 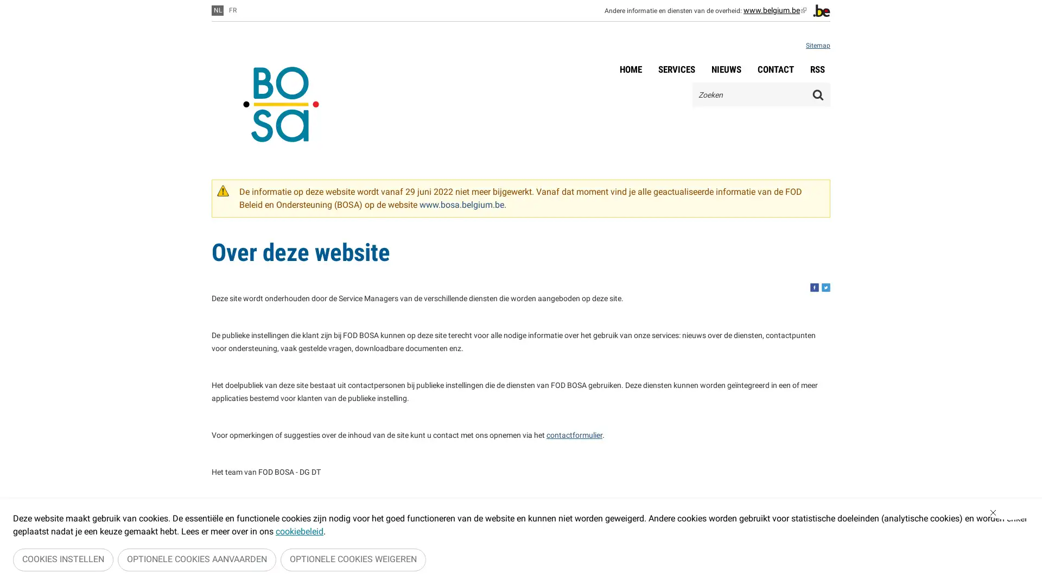 What do you see at coordinates (353, 561) in the screenshot?
I see `OPTIONELE COOKIES WEIGEREN` at bounding box center [353, 561].